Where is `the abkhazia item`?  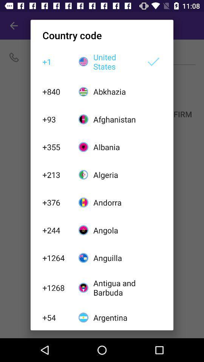
the abkhazia item is located at coordinates (115, 91).